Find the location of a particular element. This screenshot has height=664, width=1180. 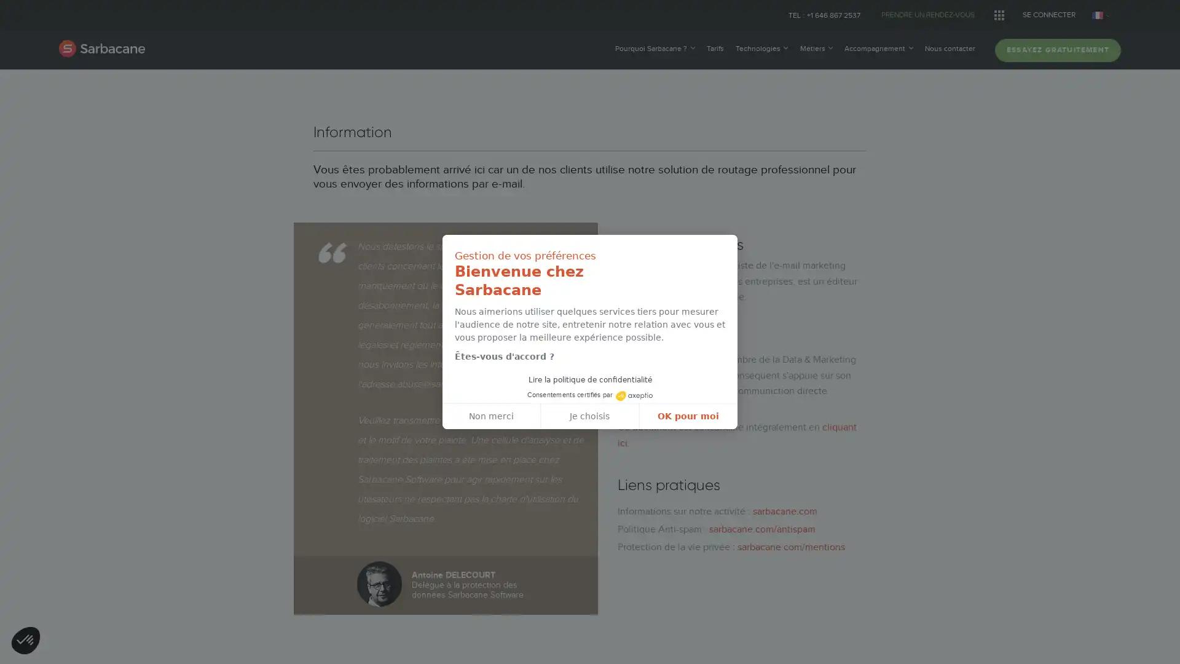

Consentements certifies par is located at coordinates (589, 394).